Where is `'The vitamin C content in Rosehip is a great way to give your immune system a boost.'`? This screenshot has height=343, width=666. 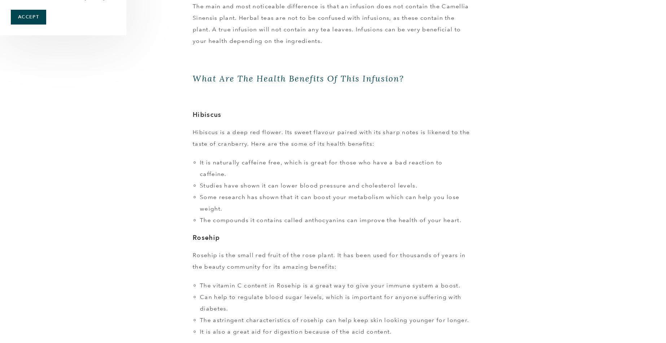
'The vitamin C content in Rosehip is a great way to give your immune system a boost.' is located at coordinates (329, 285).